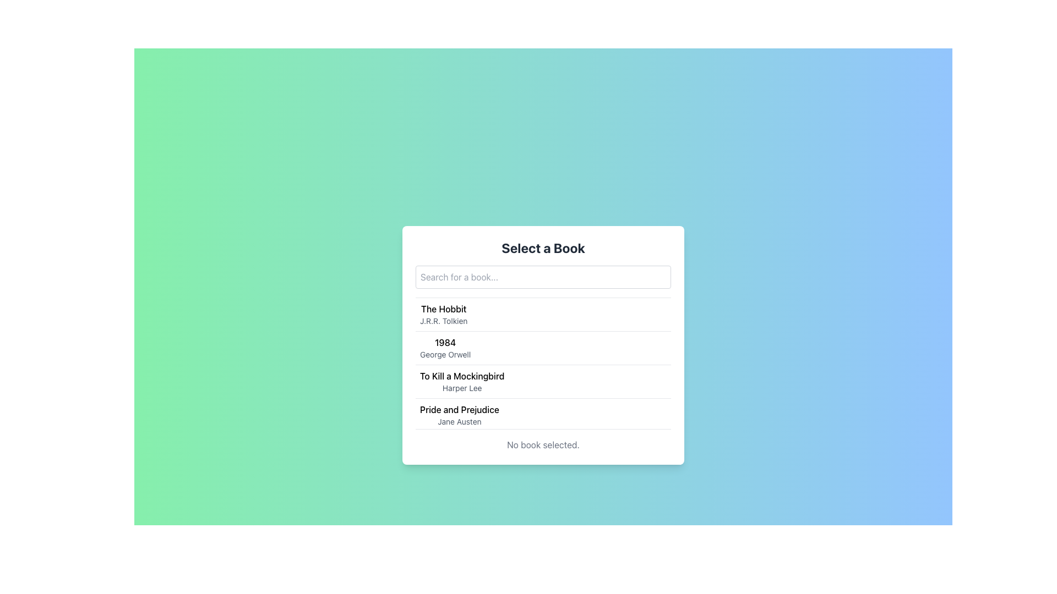 The width and height of the screenshot is (1057, 594). Describe the element at coordinates (459, 415) in the screenshot. I see `the fourth list item displaying 'Pride and Prejudice' by 'Jane Austen'` at that location.